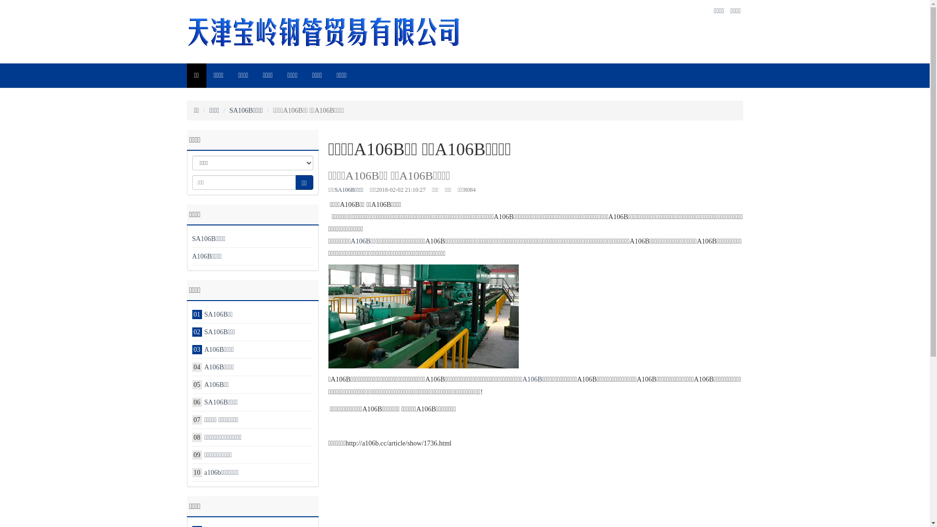 The height and width of the screenshot is (527, 937). Describe the element at coordinates (423, 316) in the screenshot. I see `'1517576991871420.jpg'` at that location.